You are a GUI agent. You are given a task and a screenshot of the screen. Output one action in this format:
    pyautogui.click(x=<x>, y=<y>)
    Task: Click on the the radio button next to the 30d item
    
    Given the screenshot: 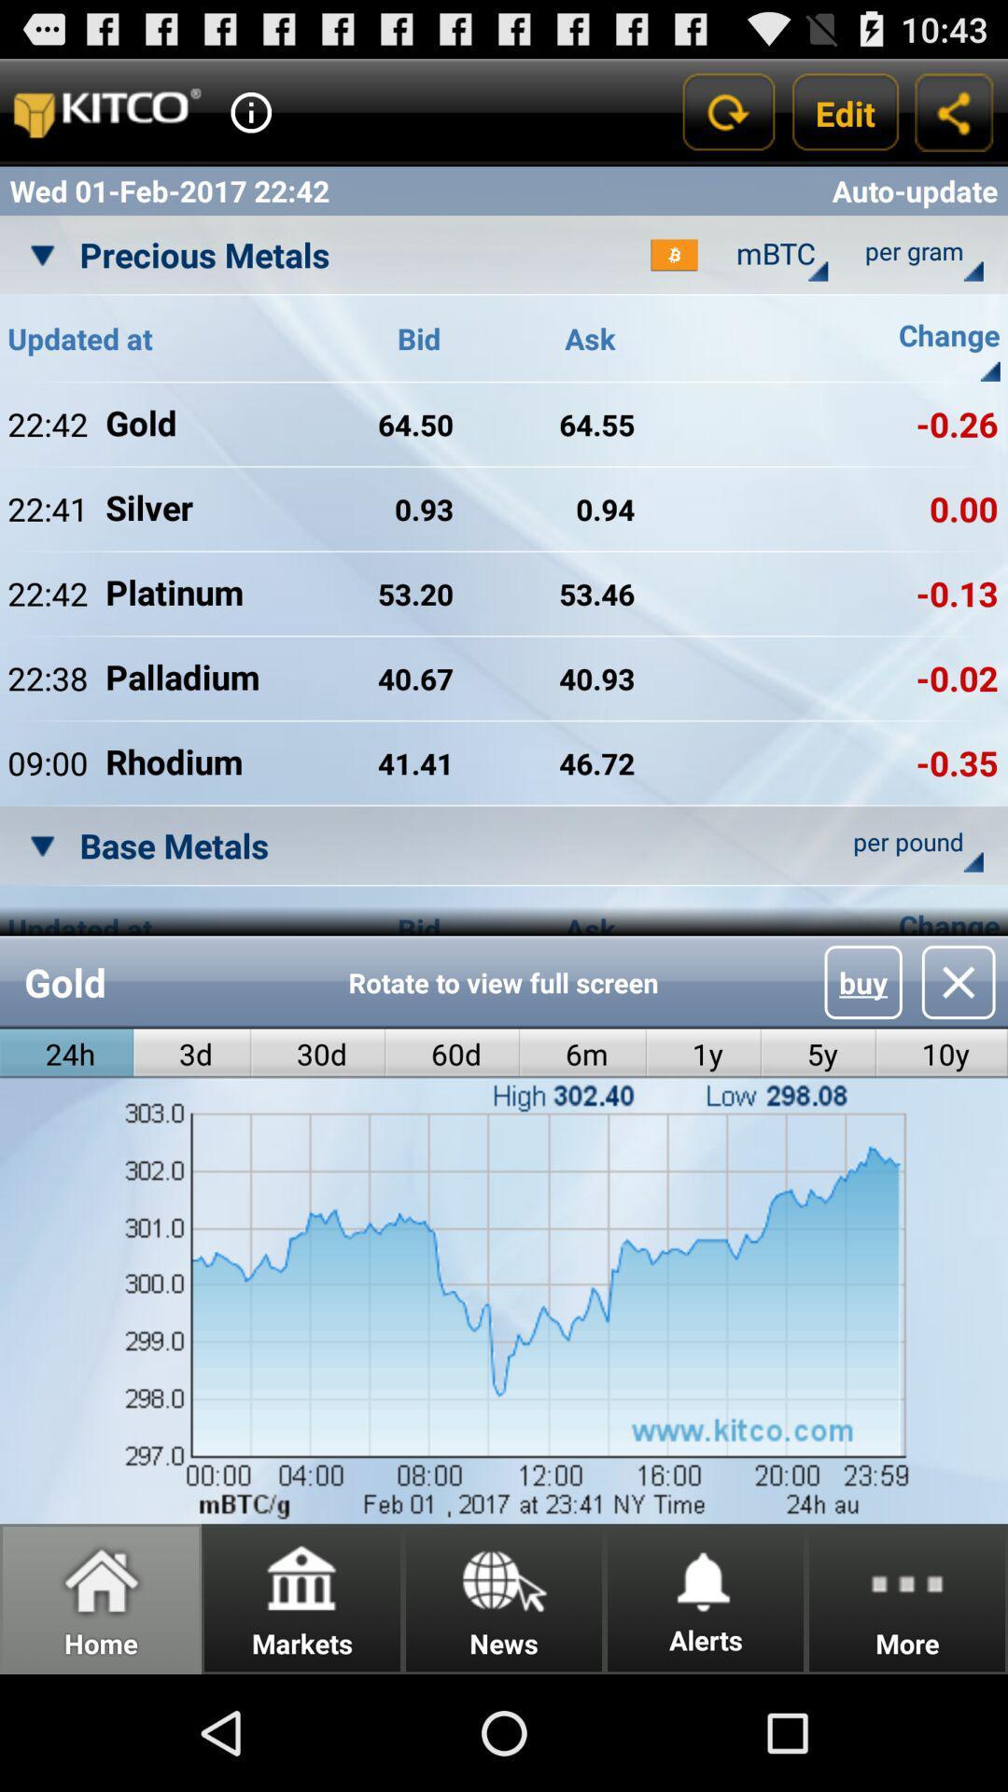 What is the action you would take?
    pyautogui.click(x=192, y=1054)
    